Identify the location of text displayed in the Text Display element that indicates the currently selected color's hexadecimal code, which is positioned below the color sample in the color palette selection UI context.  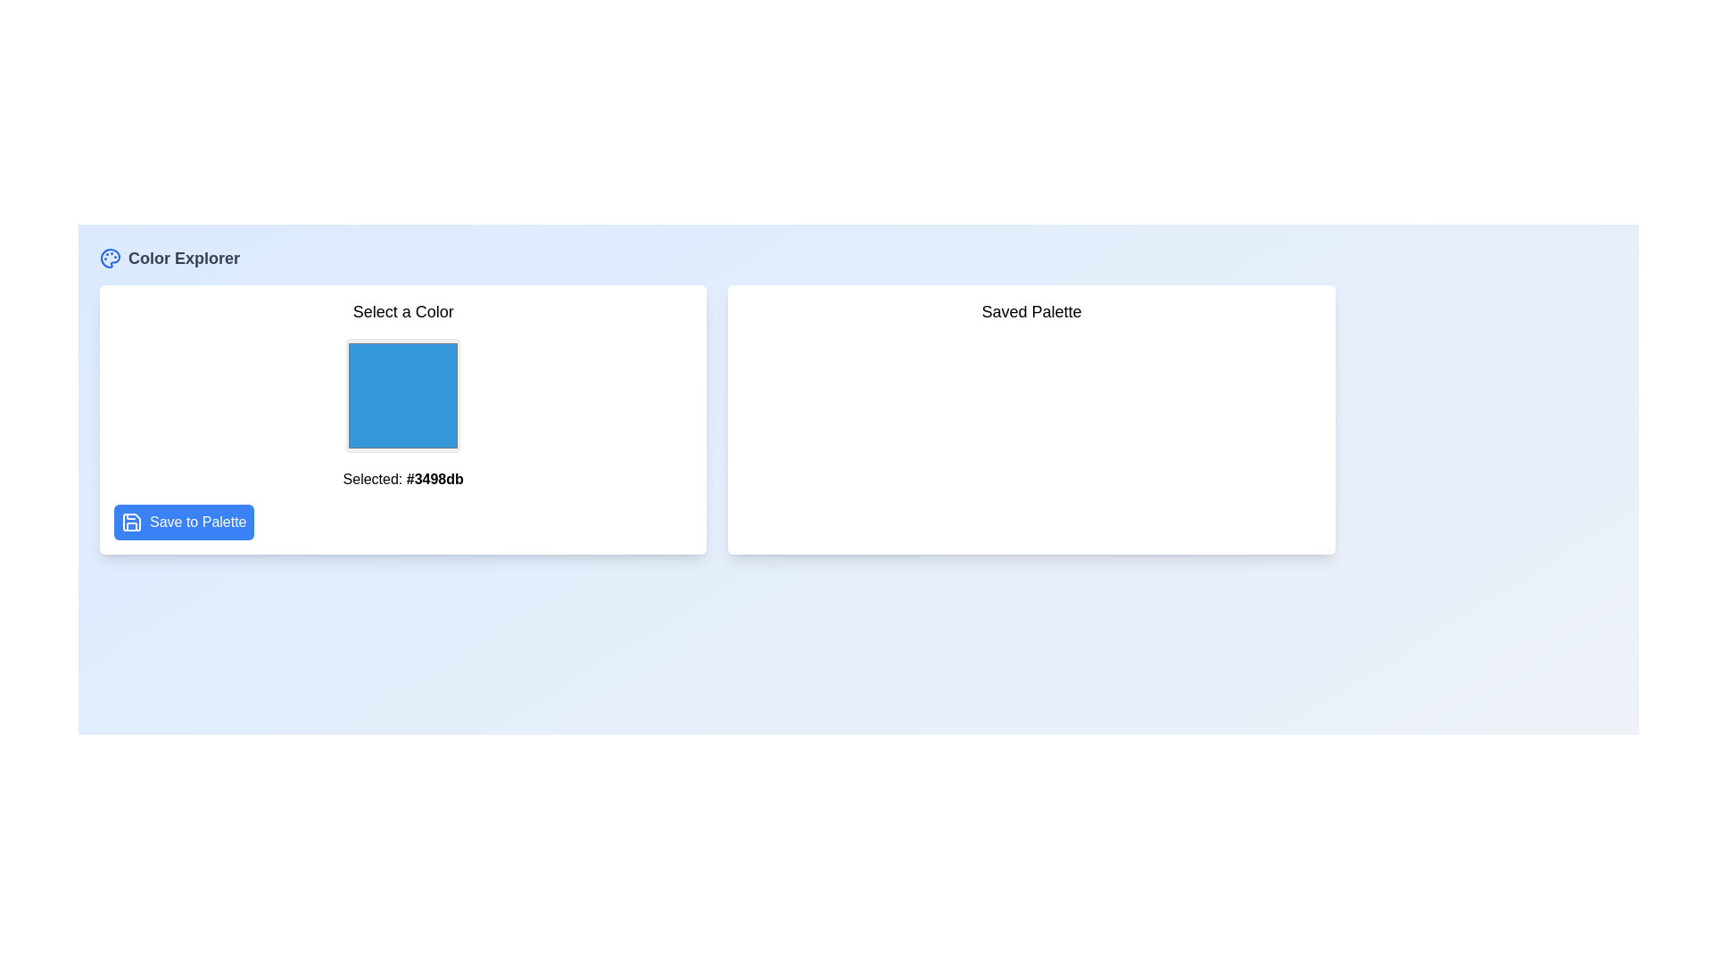
(434, 478).